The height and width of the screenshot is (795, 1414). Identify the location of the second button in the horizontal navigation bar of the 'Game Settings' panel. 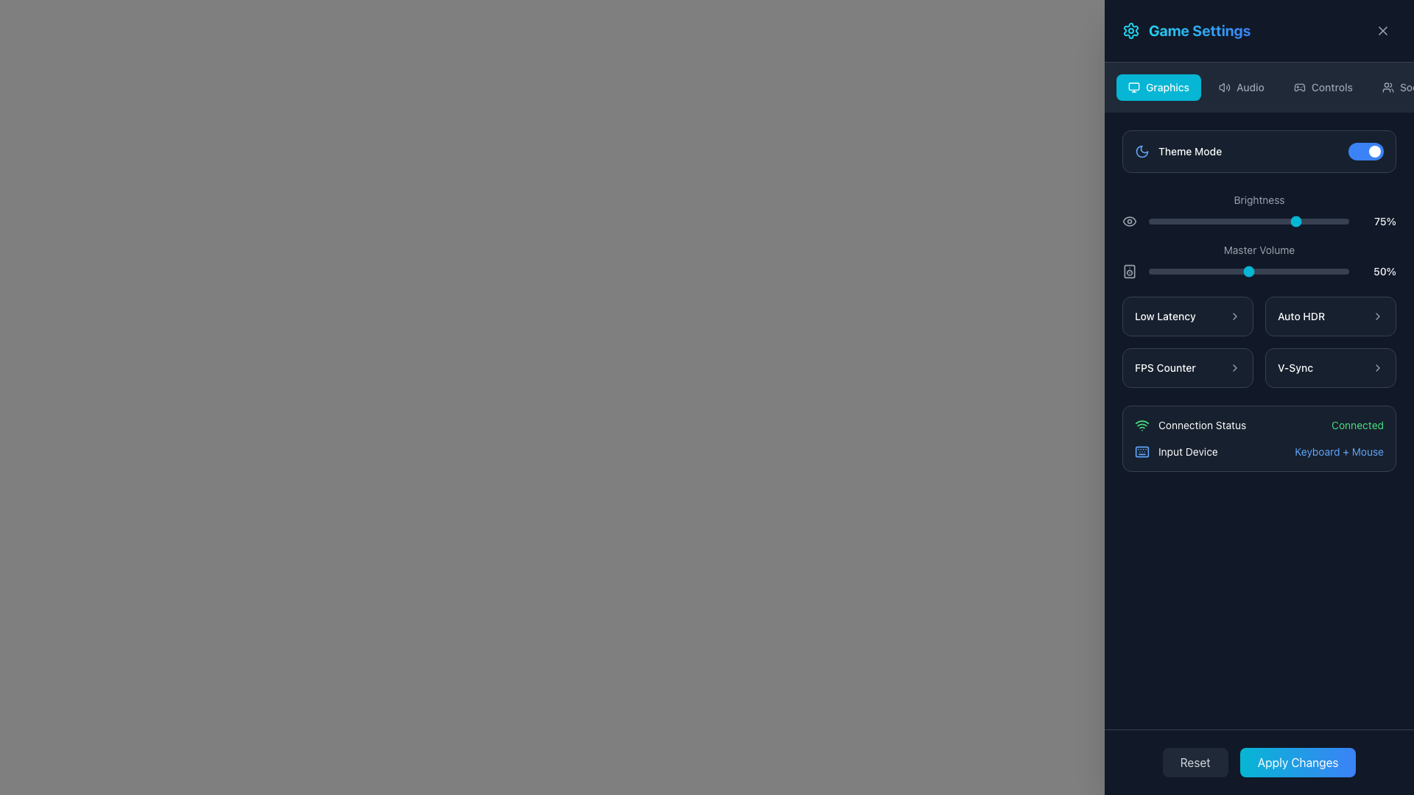
(1240, 88).